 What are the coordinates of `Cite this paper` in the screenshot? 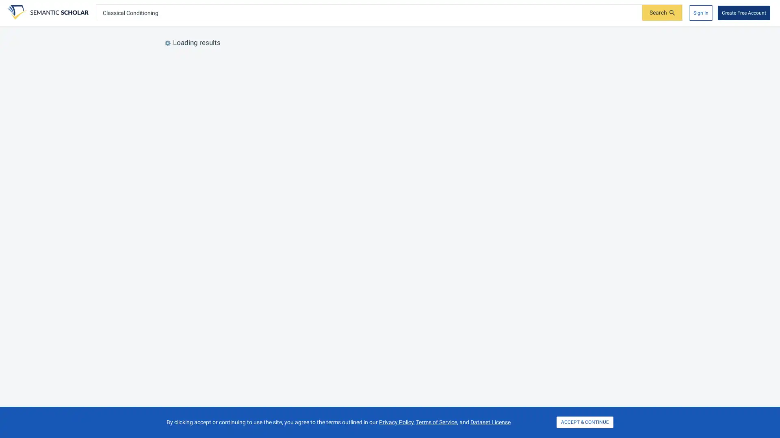 It's located at (266, 323).